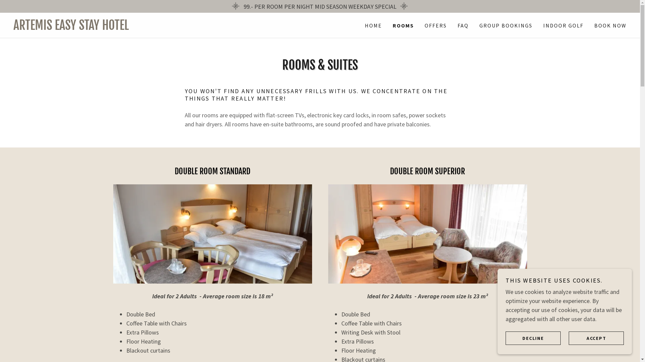 Image resolution: width=645 pixels, height=362 pixels. What do you see at coordinates (422, 25) in the screenshot?
I see `'OFFERS'` at bounding box center [422, 25].